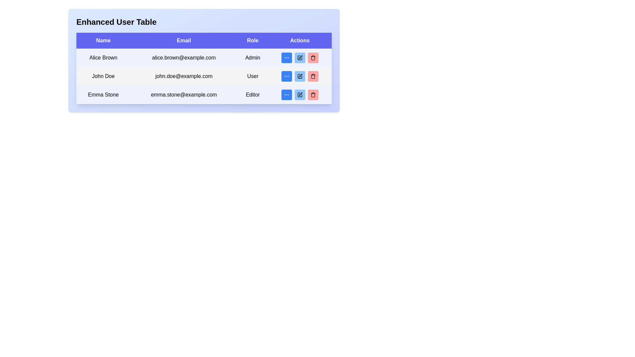 Image resolution: width=635 pixels, height=357 pixels. What do you see at coordinates (300, 75) in the screenshot?
I see `the pen icon in the 'Actions' column corresponding to 'John Doe'` at bounding box center [300, 75].